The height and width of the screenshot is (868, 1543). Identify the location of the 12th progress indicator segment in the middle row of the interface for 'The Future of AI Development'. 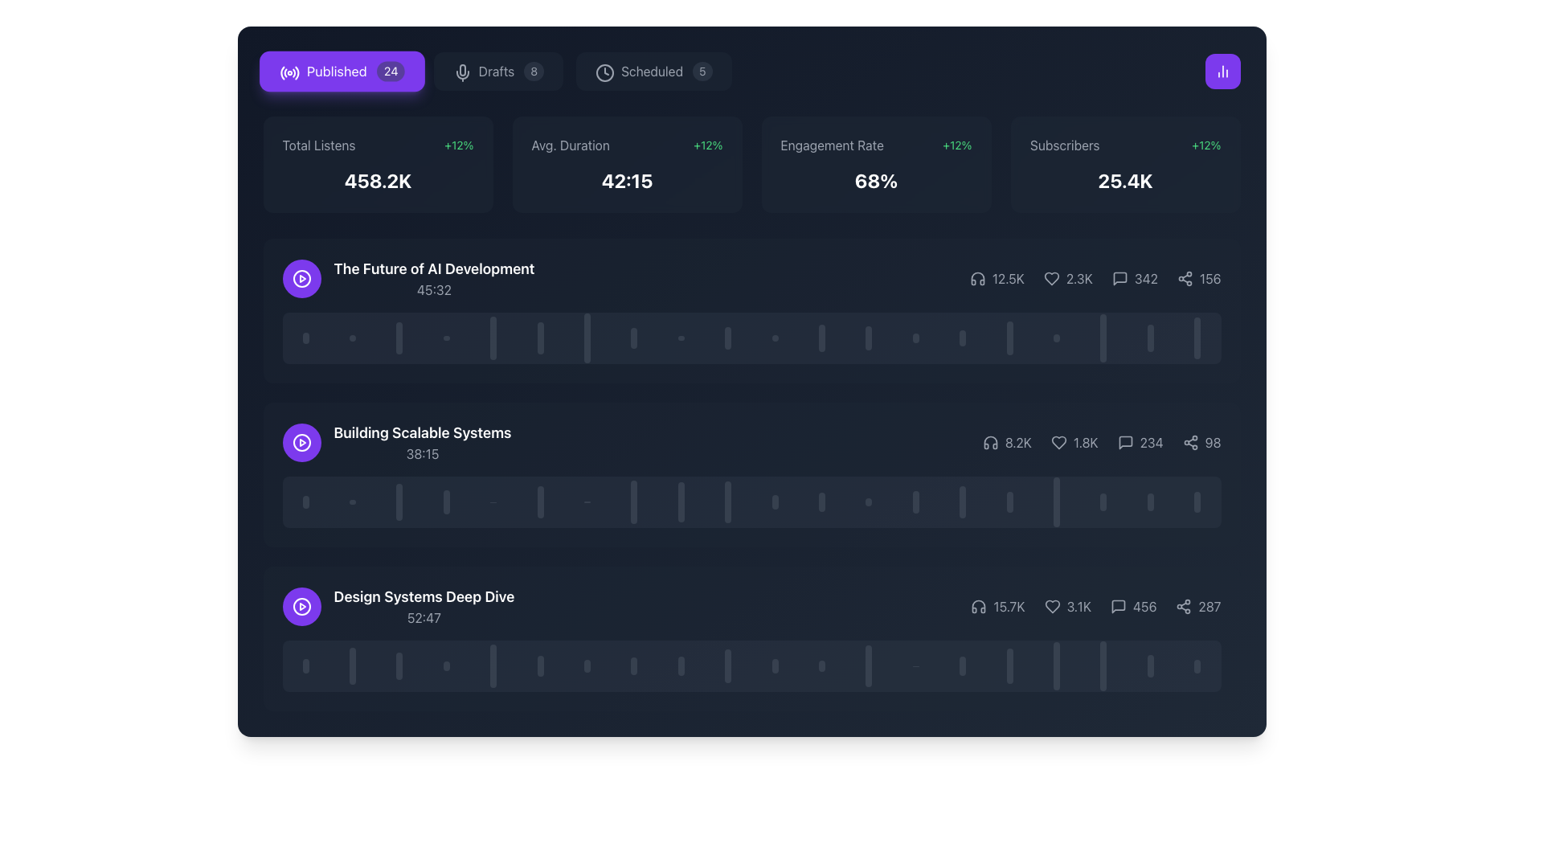
(821, 337).